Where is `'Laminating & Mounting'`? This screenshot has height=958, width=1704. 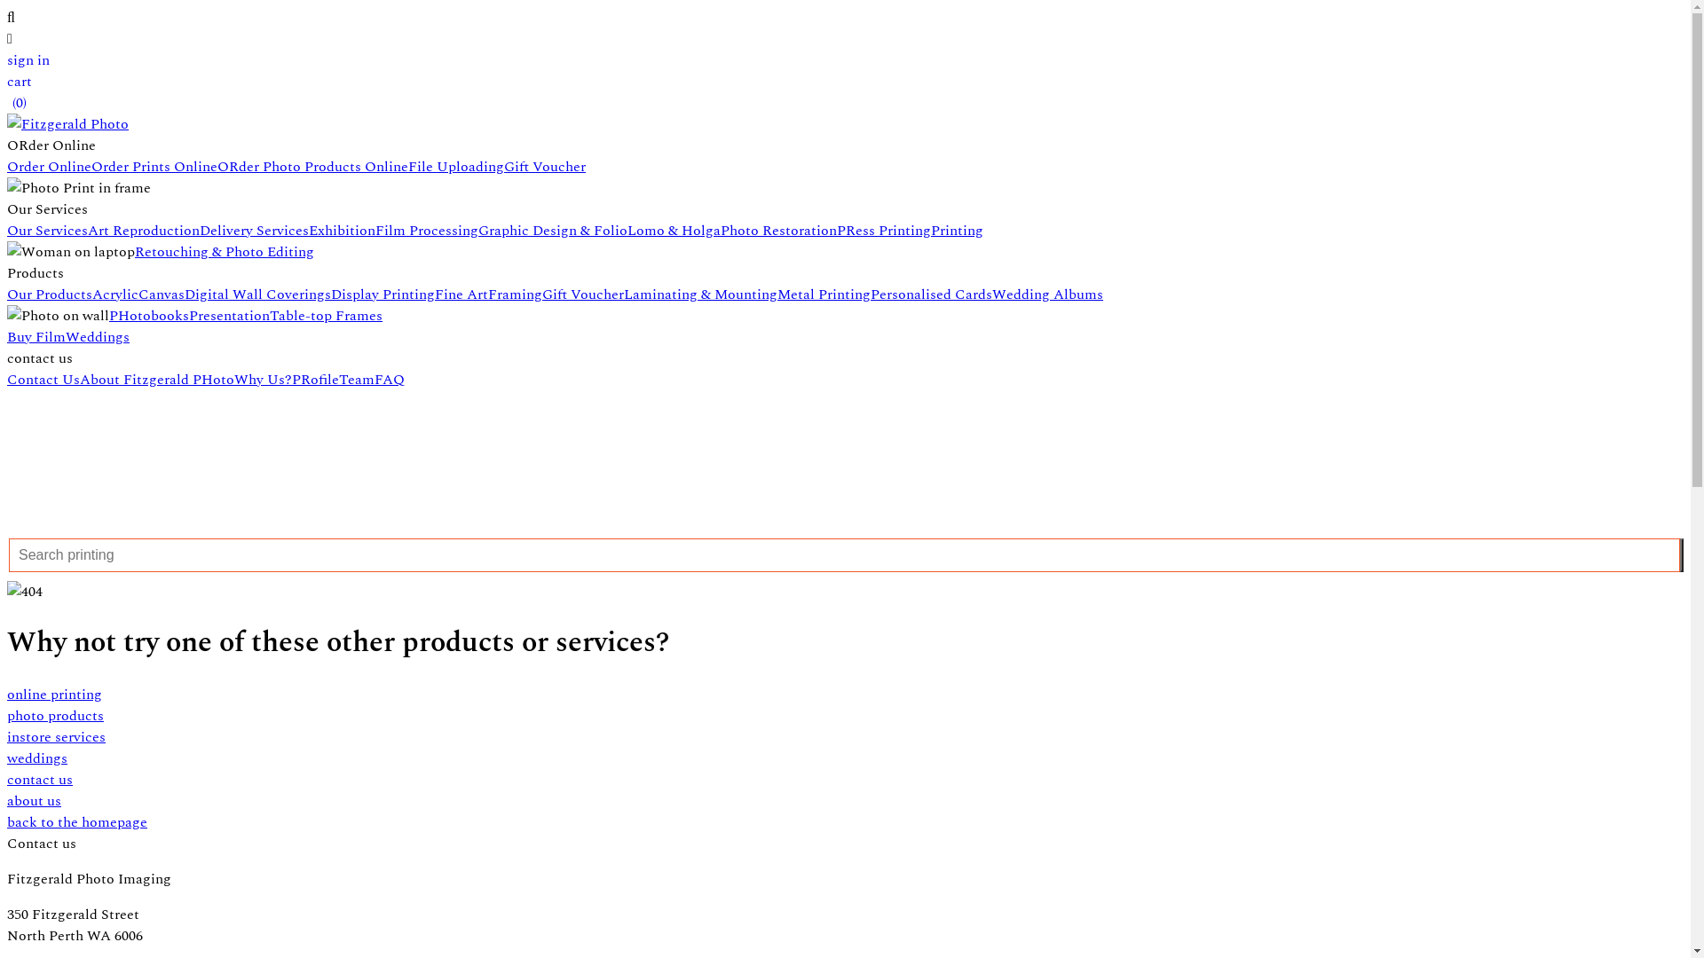 'Laminating & Mounting' is located at coordinates (699, 293).